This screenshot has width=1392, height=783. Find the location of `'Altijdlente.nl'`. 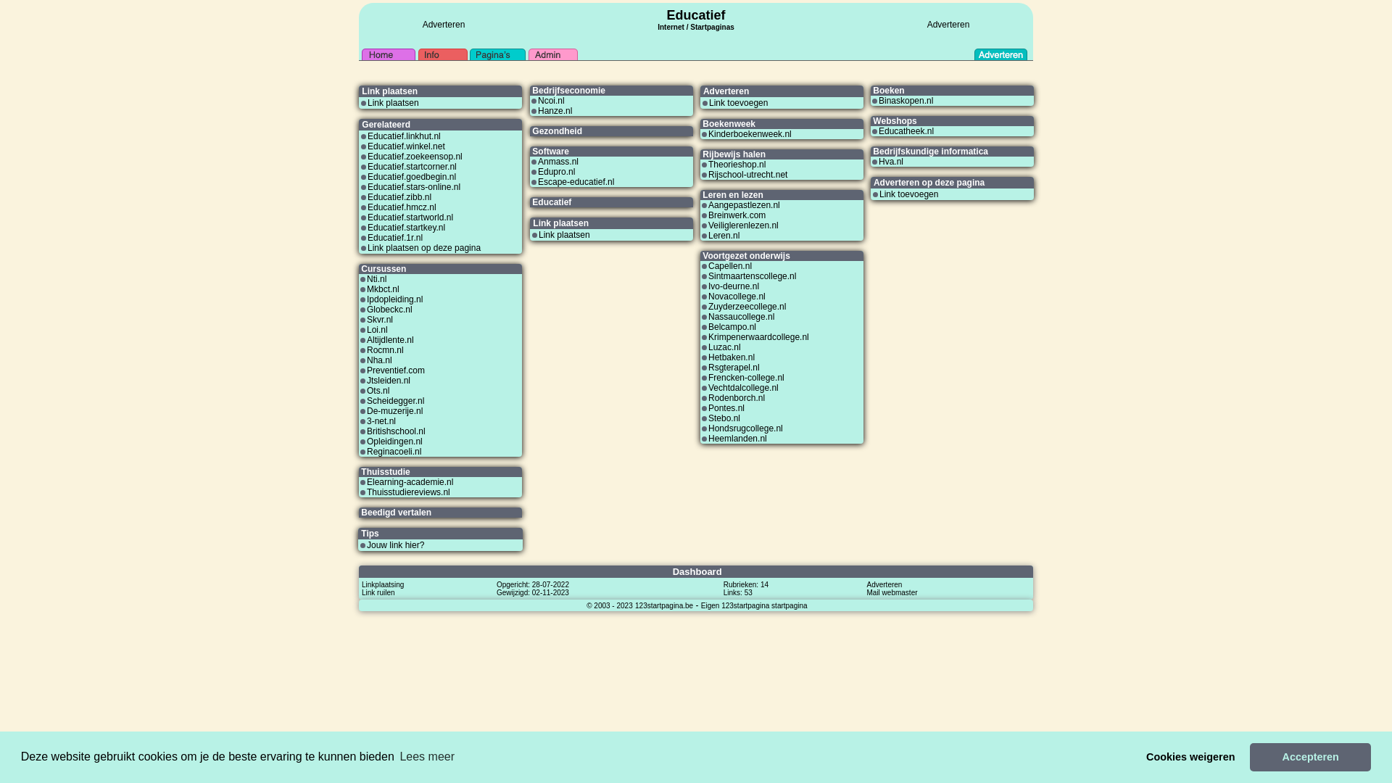

'Altijdlente.nl' is located at coordinates (366, 340).